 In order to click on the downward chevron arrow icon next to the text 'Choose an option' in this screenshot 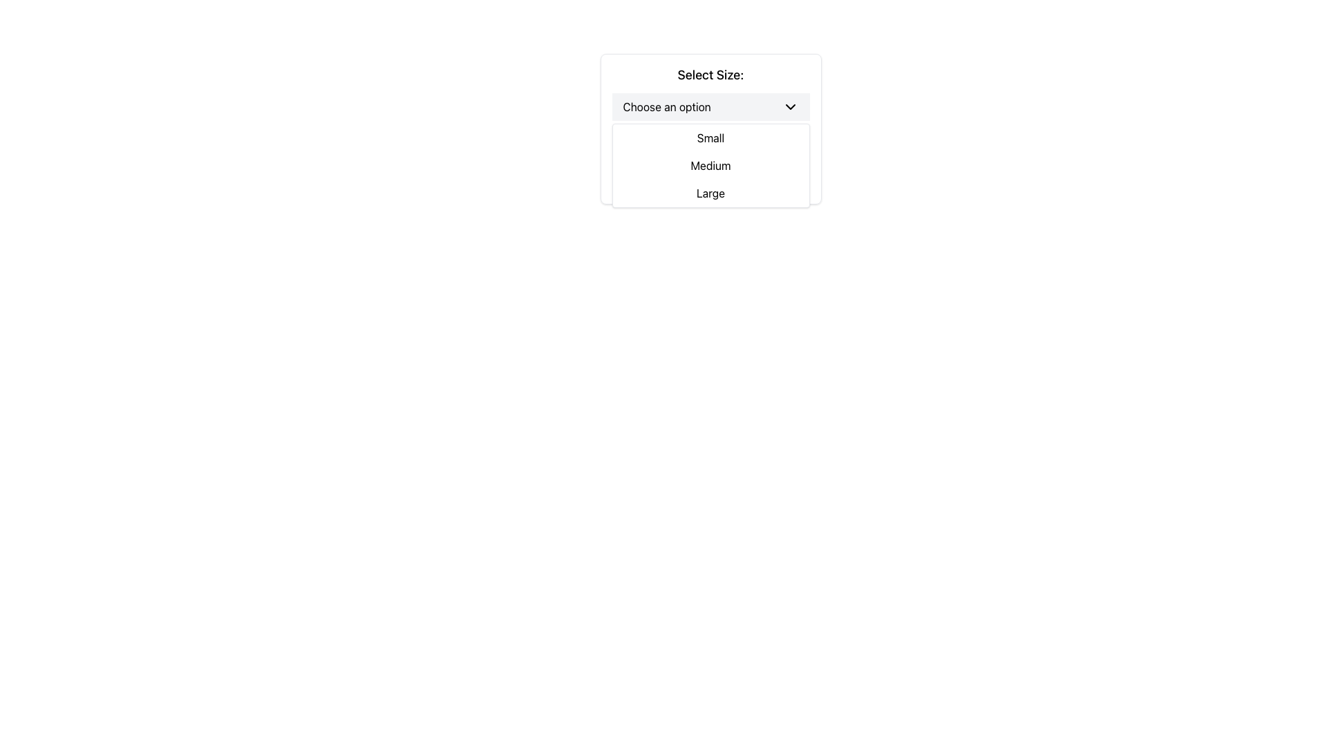, I will do `click(790, 106)`.